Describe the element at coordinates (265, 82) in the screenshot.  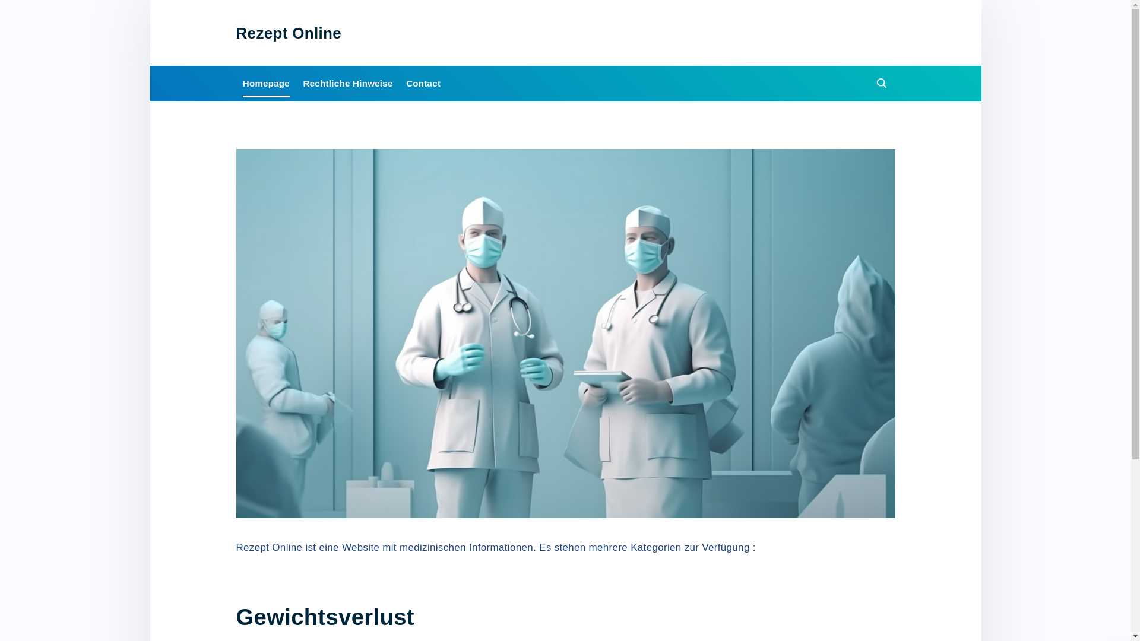
I see `'Homepage'` at that location.